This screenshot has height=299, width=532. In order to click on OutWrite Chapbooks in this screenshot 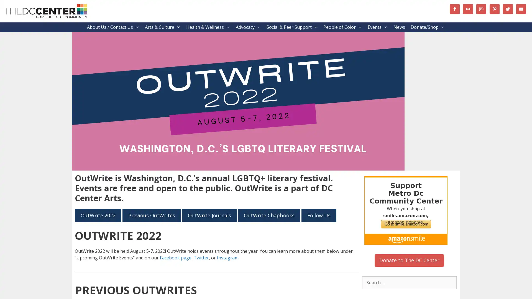, I will do `click(269, 215)`.